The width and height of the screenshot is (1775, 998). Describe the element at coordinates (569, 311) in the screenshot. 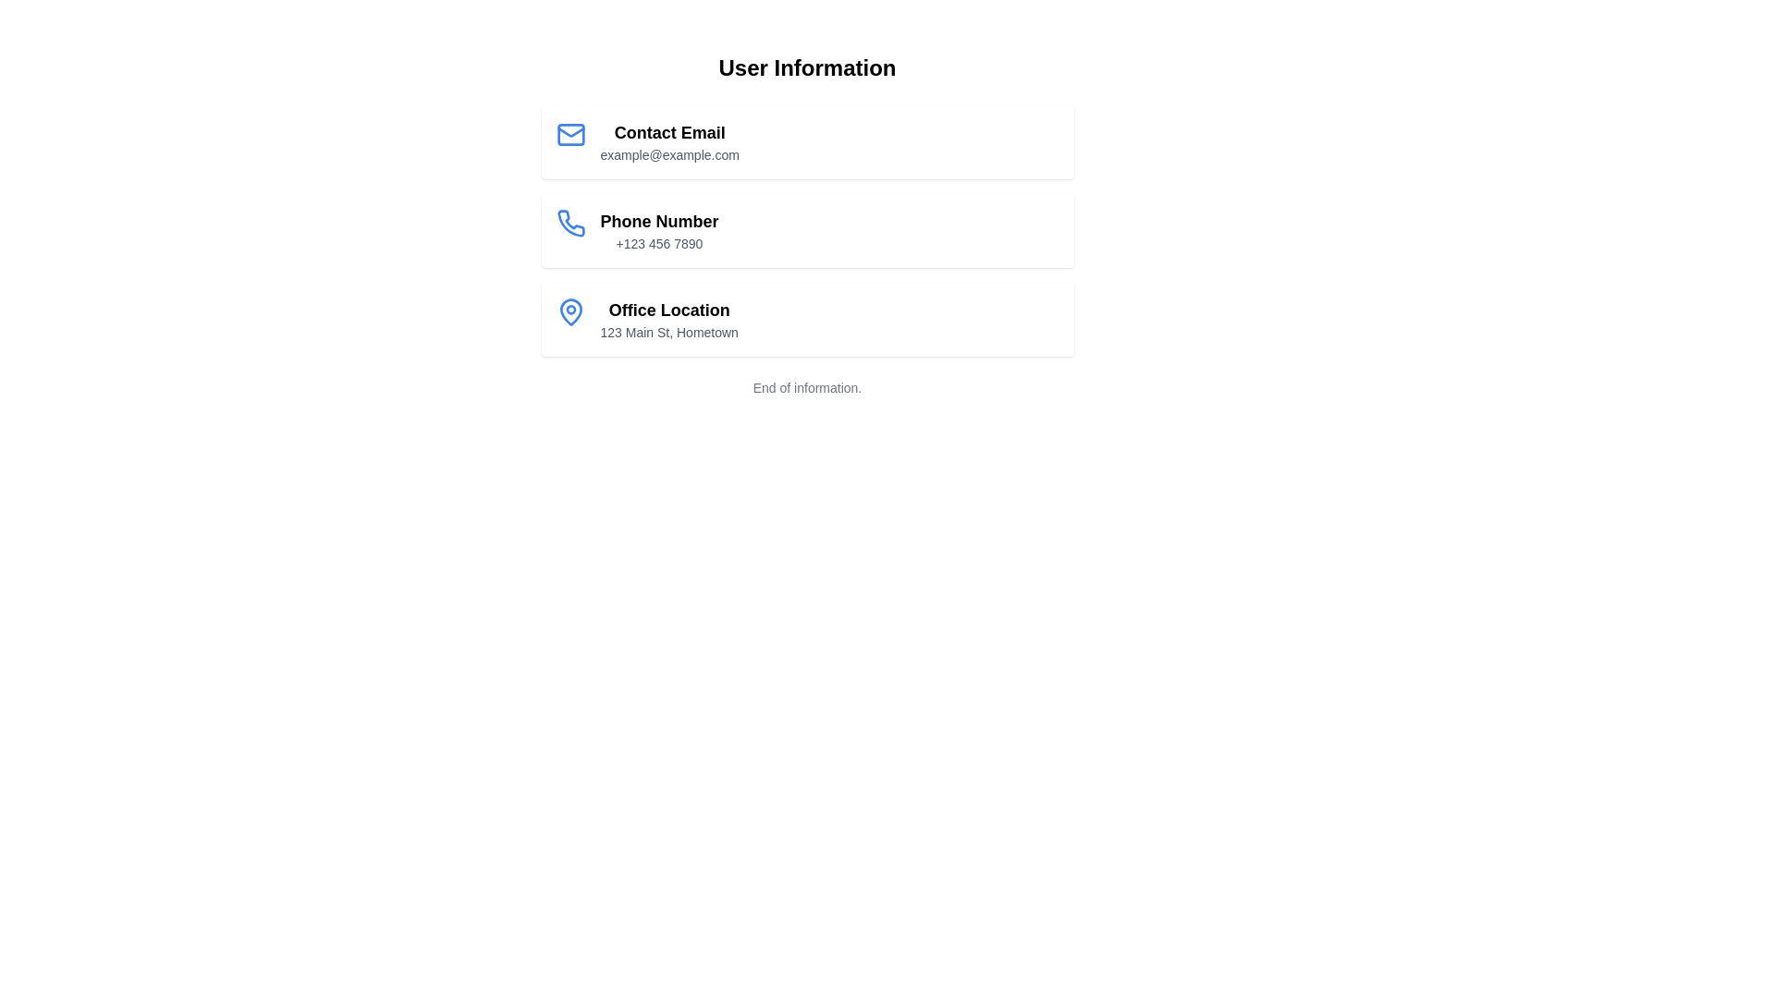

I see `the blue map pin icon located in the 'Office Location' section, positioned to the left of the title text` at that location.